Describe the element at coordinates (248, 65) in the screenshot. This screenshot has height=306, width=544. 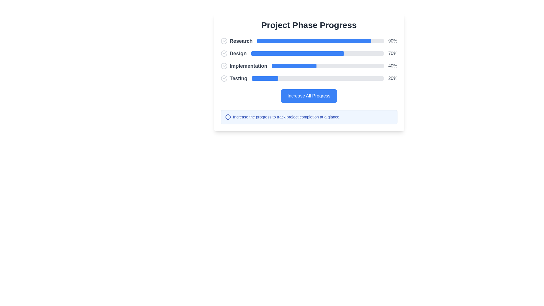
I see `the label indicating the 'Implementation' phase, which is the third item under 'Project Phase Progress', located slightly to the right of the checkmark icon` at that location.